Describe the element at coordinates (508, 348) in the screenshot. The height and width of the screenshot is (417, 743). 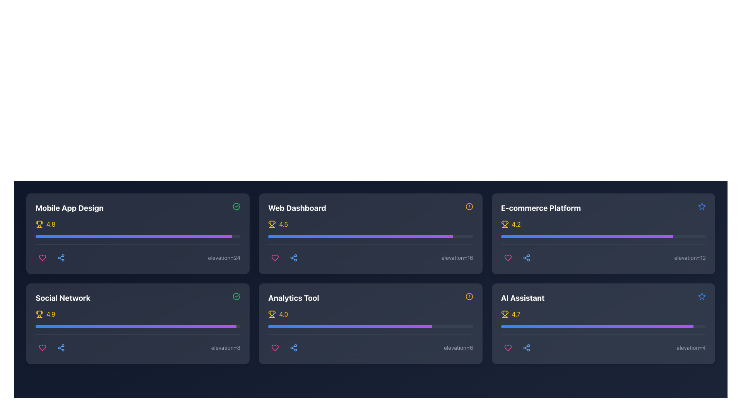
I see `the heart icon, which is a pink outline resembling a heart, located in the lower left corner of the 'AI Assistant' card, adjacent to the 'share' icon, to like or unlike` at that location.